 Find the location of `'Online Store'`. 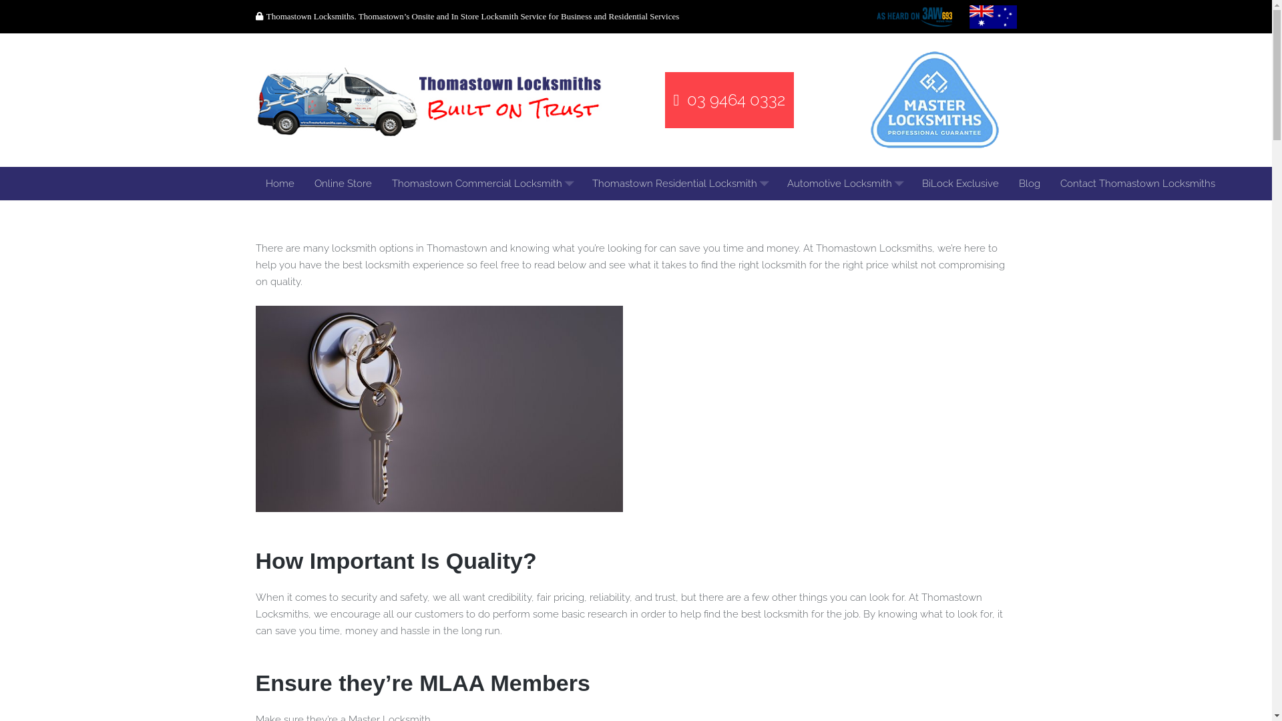

'Online Store' is located at coordinates (304, 183).